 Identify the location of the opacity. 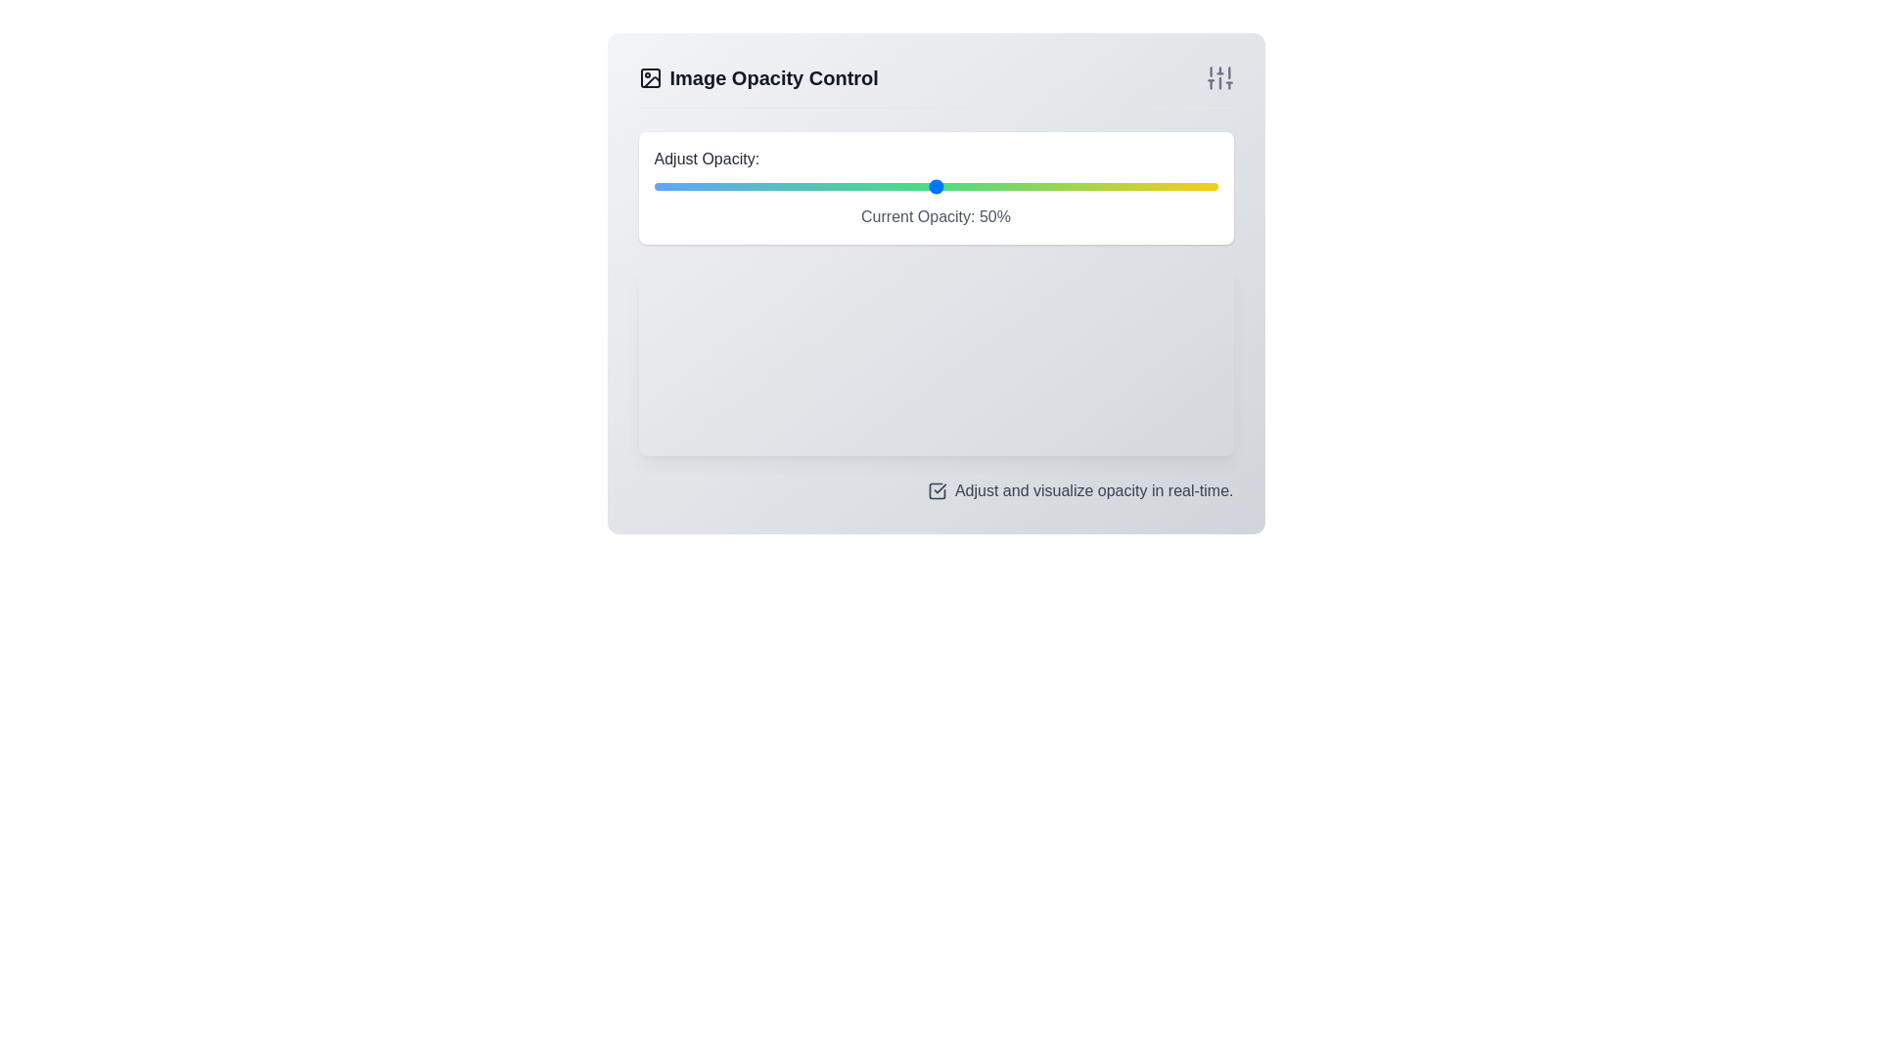
(873, 187).